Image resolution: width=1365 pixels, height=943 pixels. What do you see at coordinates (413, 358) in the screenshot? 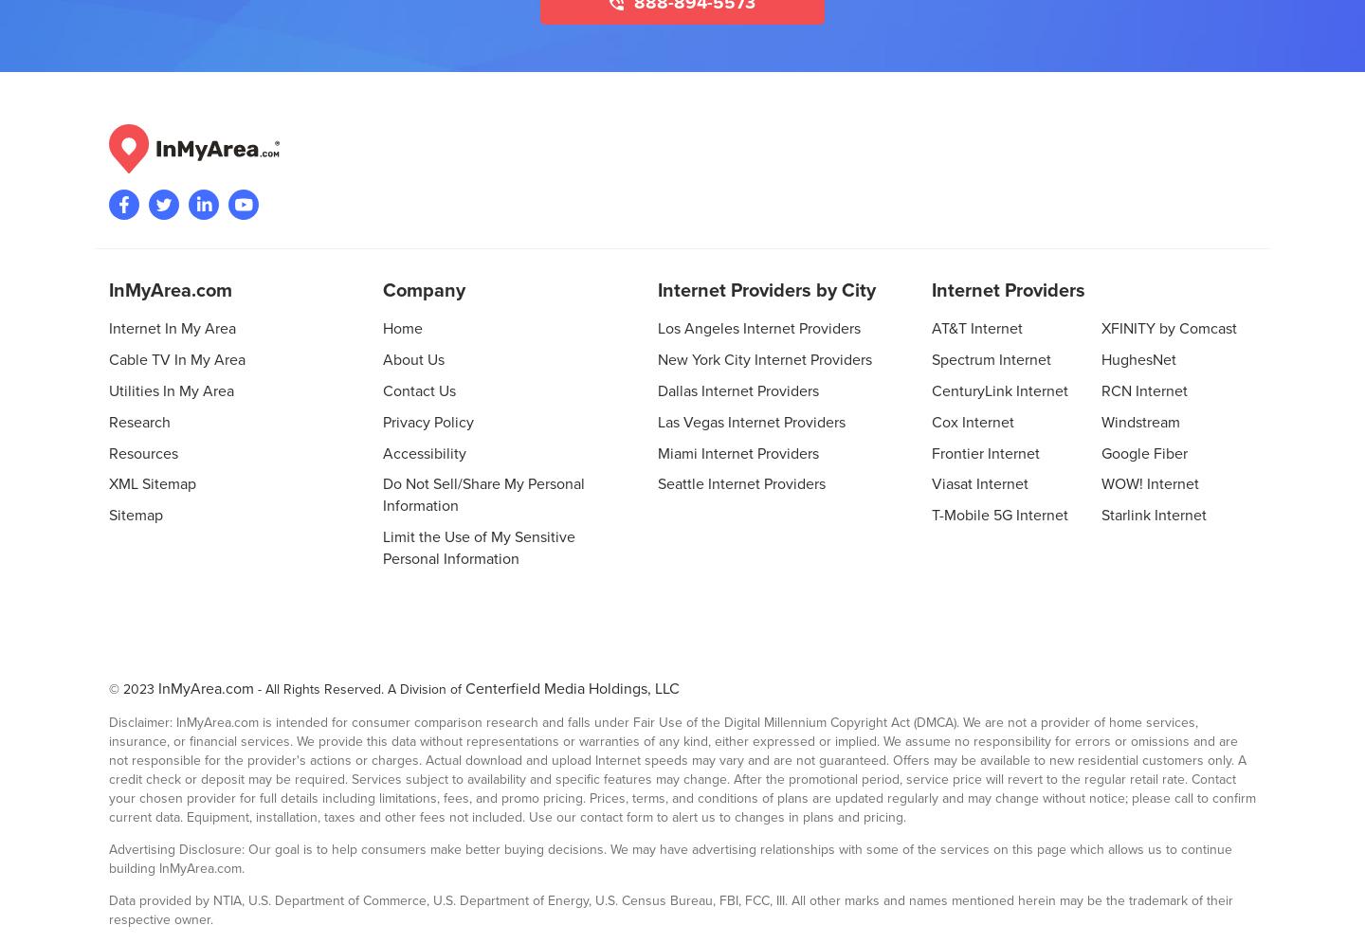
I see `'About Us'` at bounding box center [413, 358].